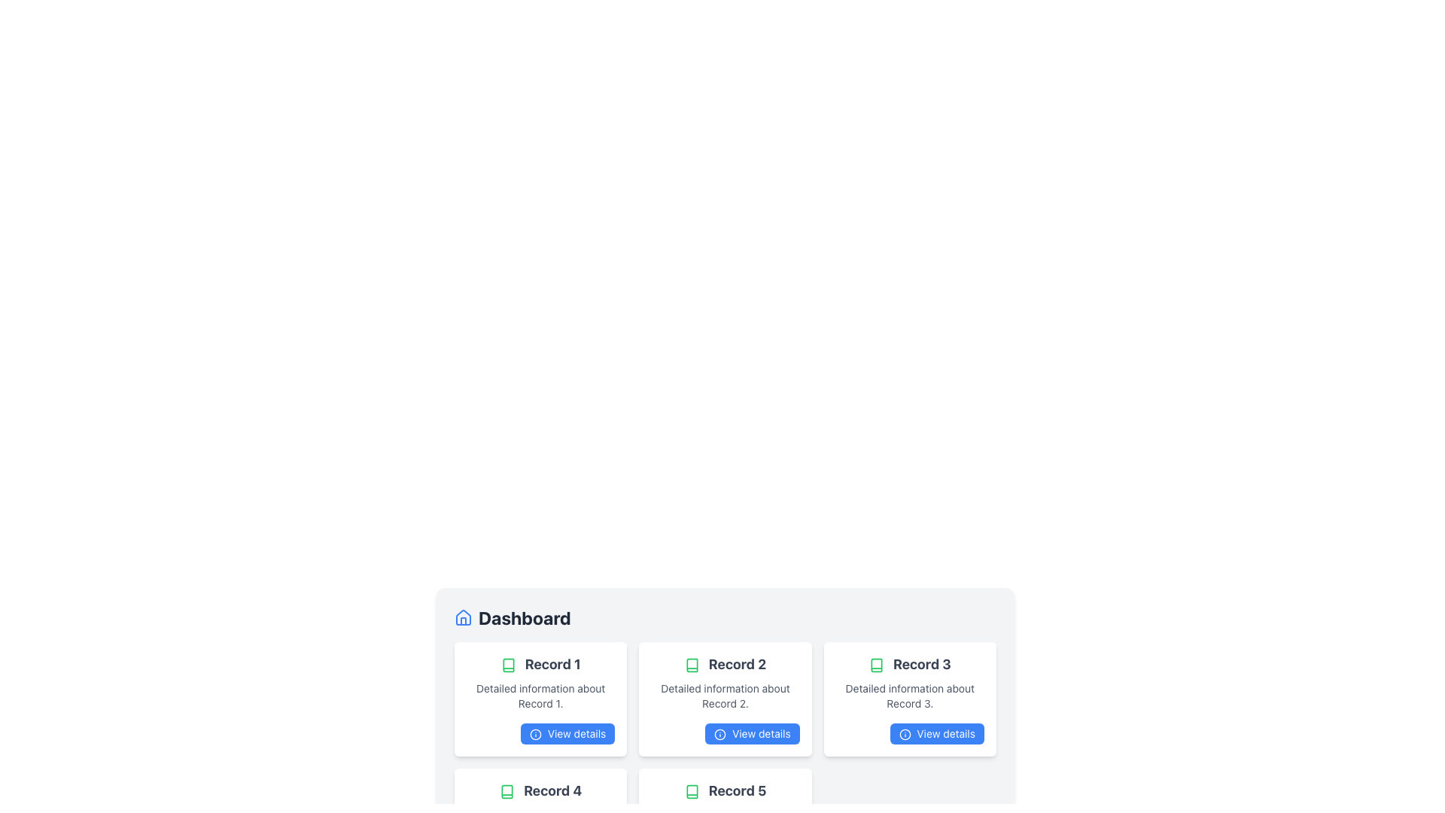 The width and height of the screenshot is (1445, 813). Describe the element at coordinates (691, 665) in the screenshot. I see `the book icon located under the title 'Record 2' in the second column of the top row within a grid layout, which serves as a visual representation for associated record content` at that location.